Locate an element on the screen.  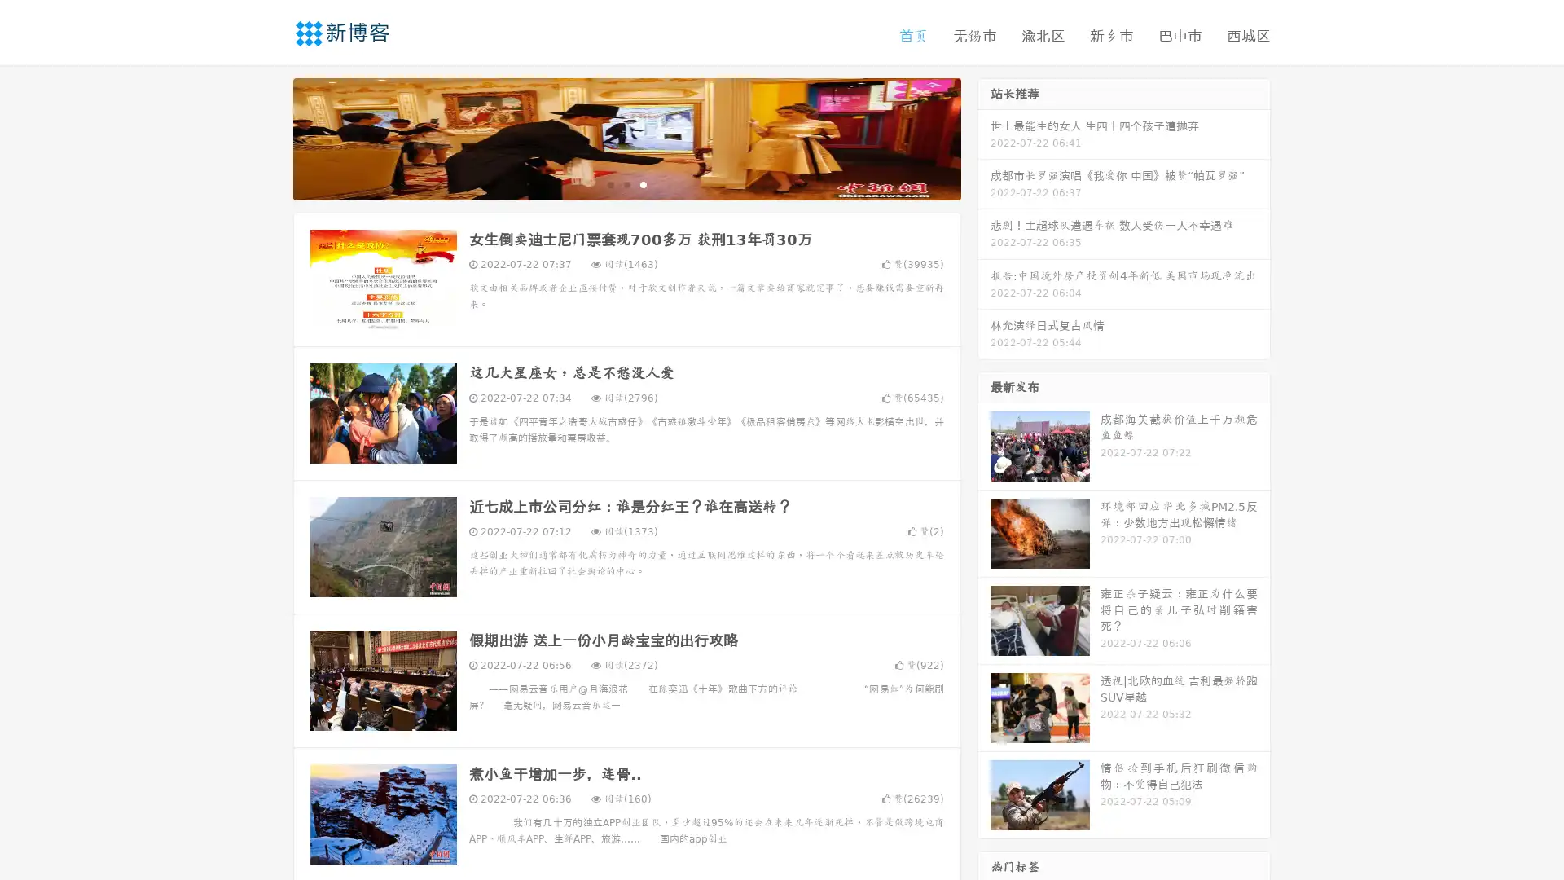
Go to slide 3 is located at coordinates (643, 183).